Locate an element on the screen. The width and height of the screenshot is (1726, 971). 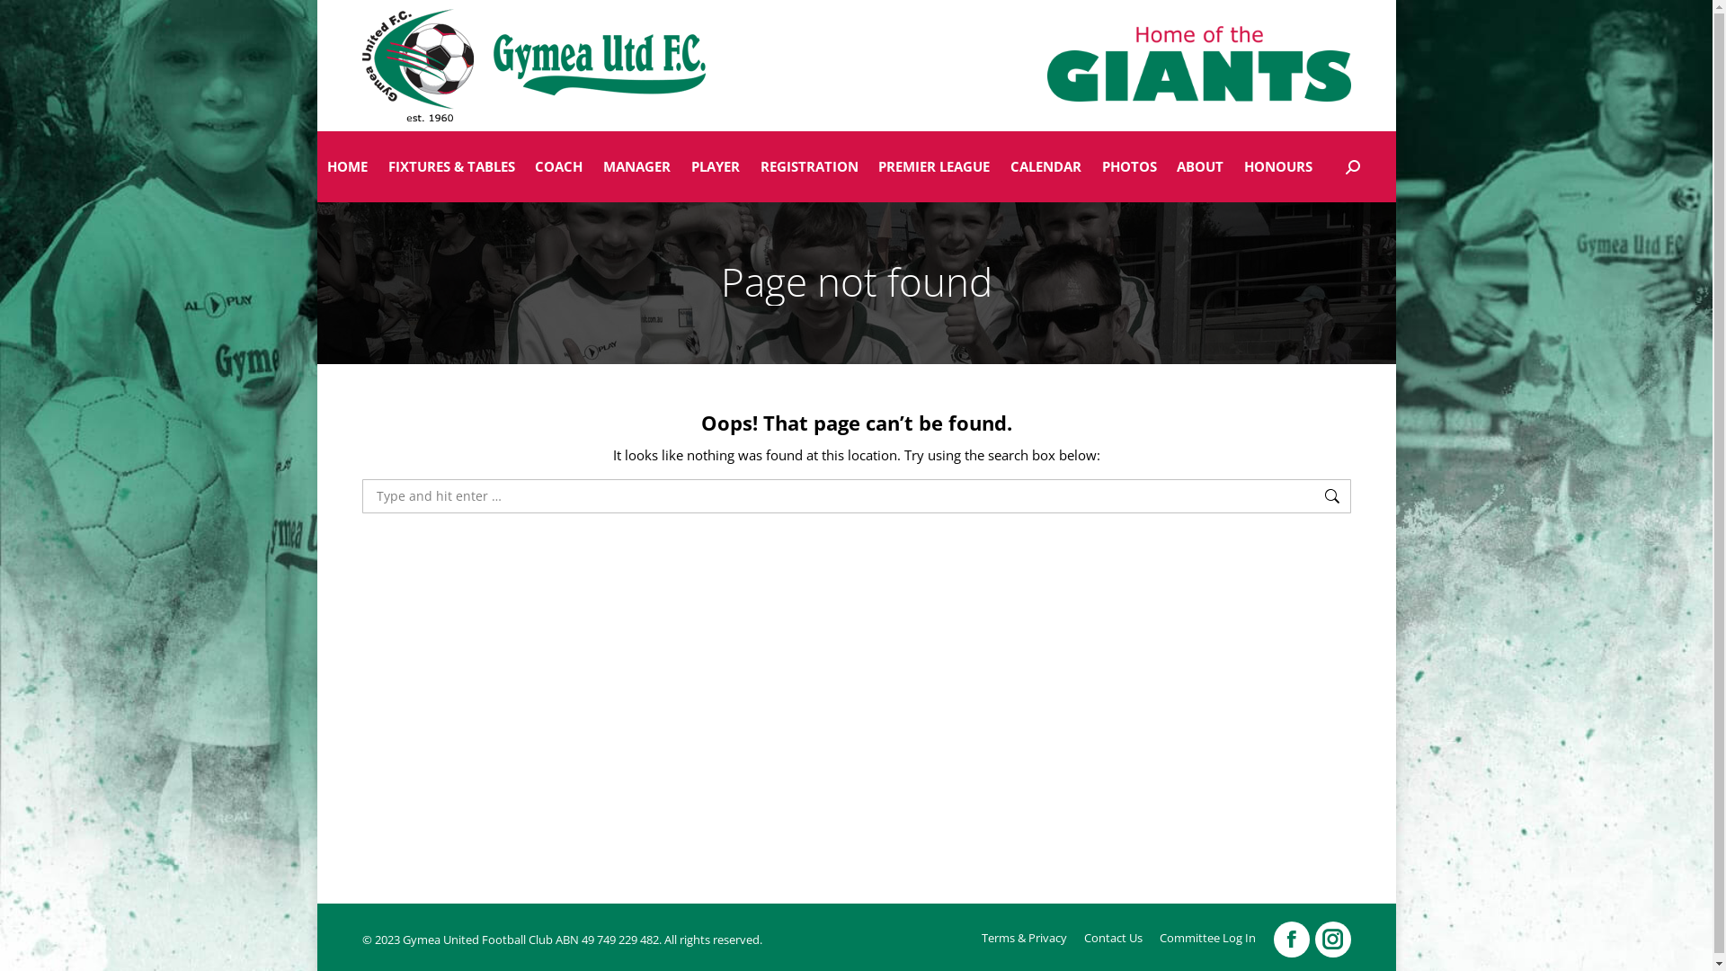
'FIXTURES & TABLES' is located at coordinates (377, 166).